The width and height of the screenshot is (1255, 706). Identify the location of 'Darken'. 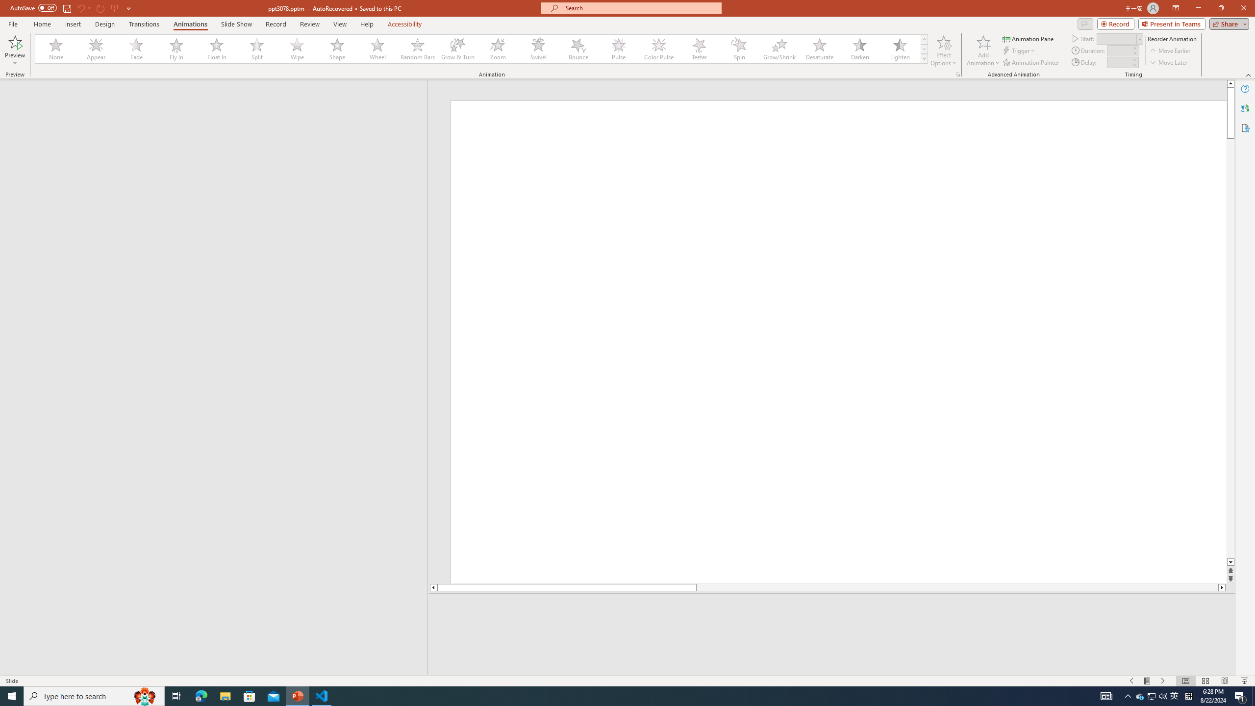
(859, 49).